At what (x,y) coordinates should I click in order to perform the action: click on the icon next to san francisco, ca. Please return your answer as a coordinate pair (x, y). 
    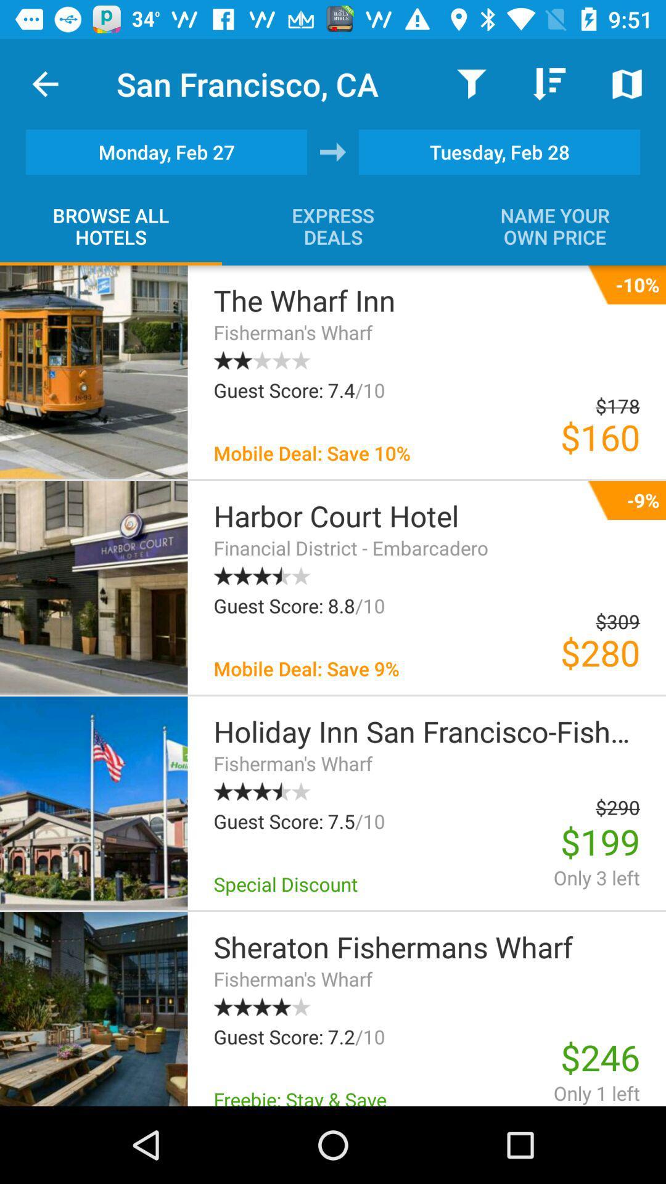
    Looking at the image, I should click on (471, 83).